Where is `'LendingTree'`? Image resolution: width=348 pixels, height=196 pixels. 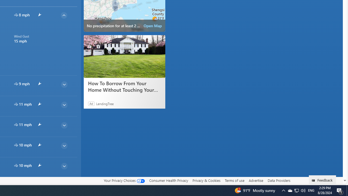
'LendingTree' is located at coordinates (105, 103).